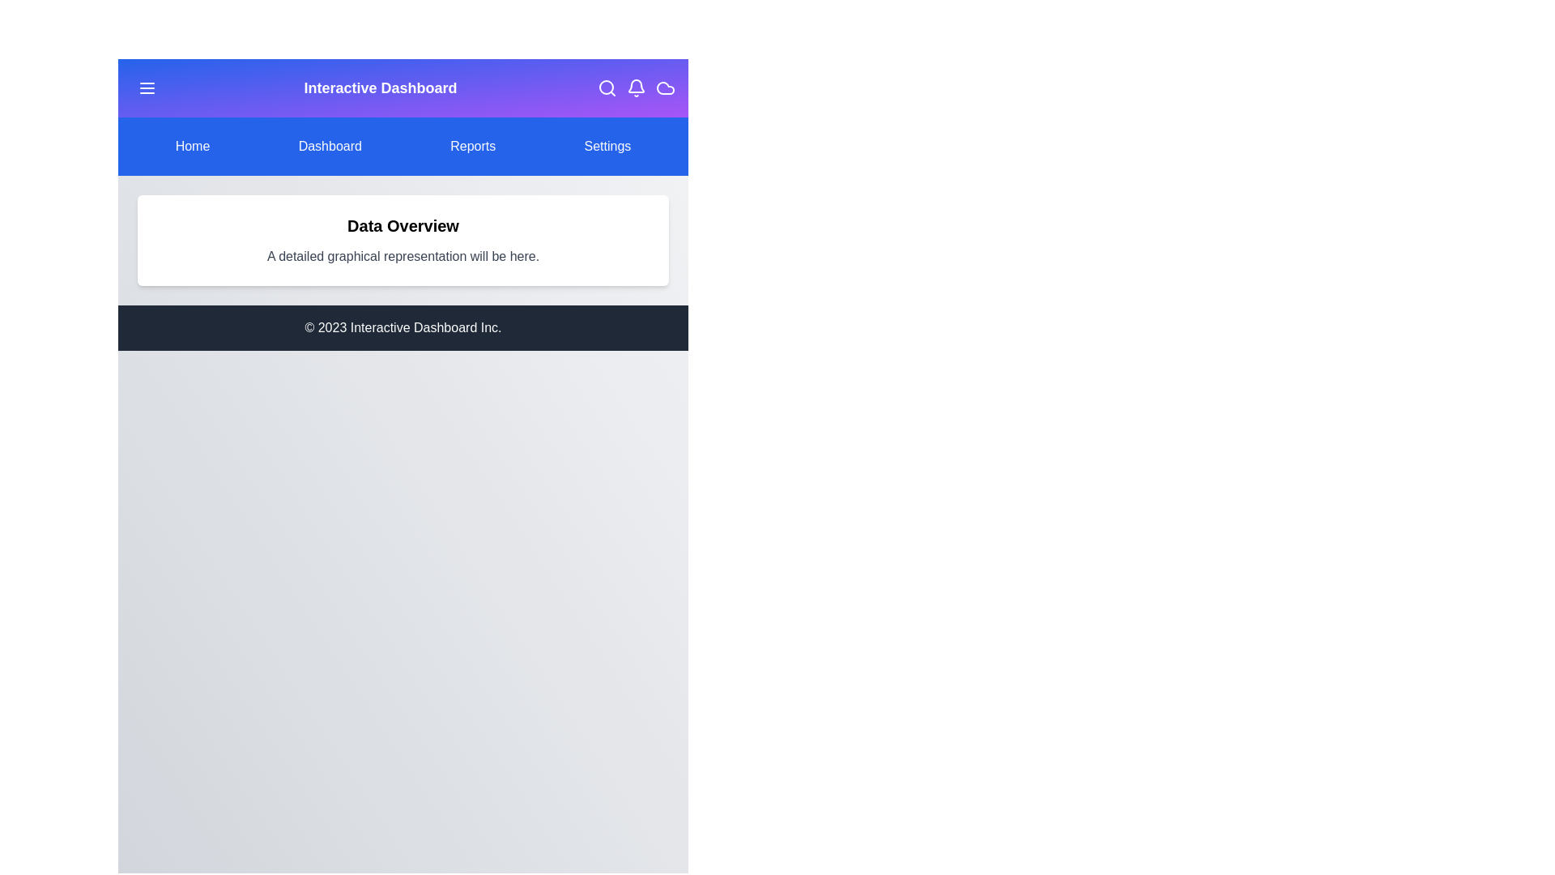  What do you see at coordinates (607, 147) in the screenshot?
I see `the menu item Settings to navigate to the corresponding section` at bounding box center [607, 147].